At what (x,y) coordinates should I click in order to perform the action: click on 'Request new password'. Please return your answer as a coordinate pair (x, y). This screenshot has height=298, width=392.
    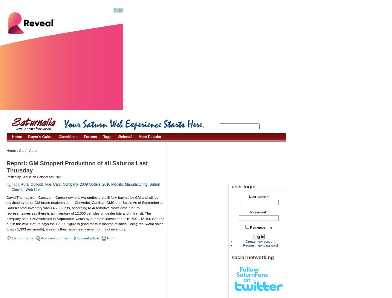
    Looking at the image, I should click on (260, 245).